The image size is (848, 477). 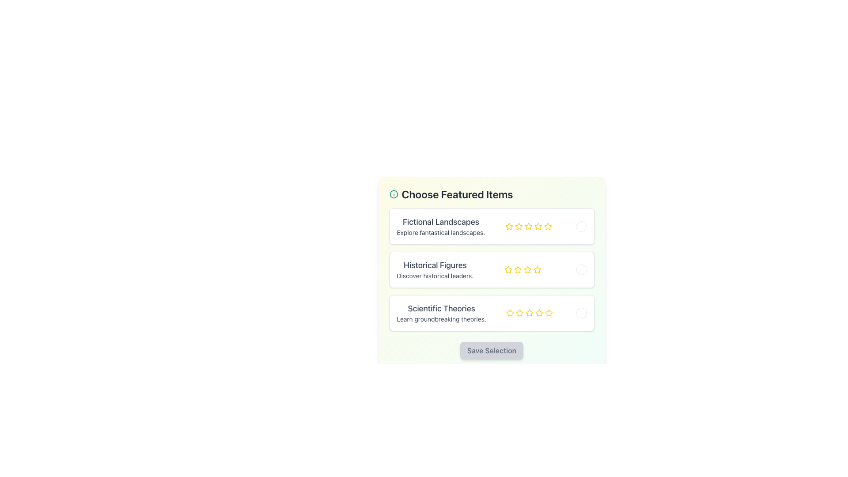 What do you see at coordinates (581, 313) in the screenshot?
I see `the Radio Button for 'Scientific Theories'` at bounding box center [581, 313].